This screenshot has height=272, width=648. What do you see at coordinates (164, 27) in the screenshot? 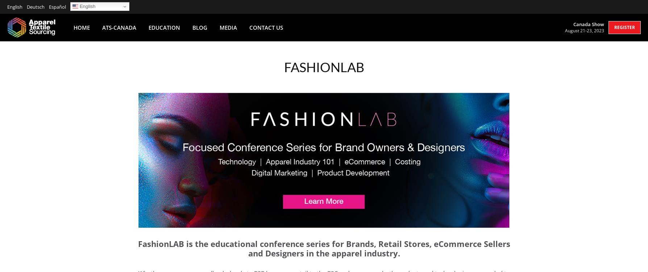
I see `'Education'` at bounding box center [164, 27].